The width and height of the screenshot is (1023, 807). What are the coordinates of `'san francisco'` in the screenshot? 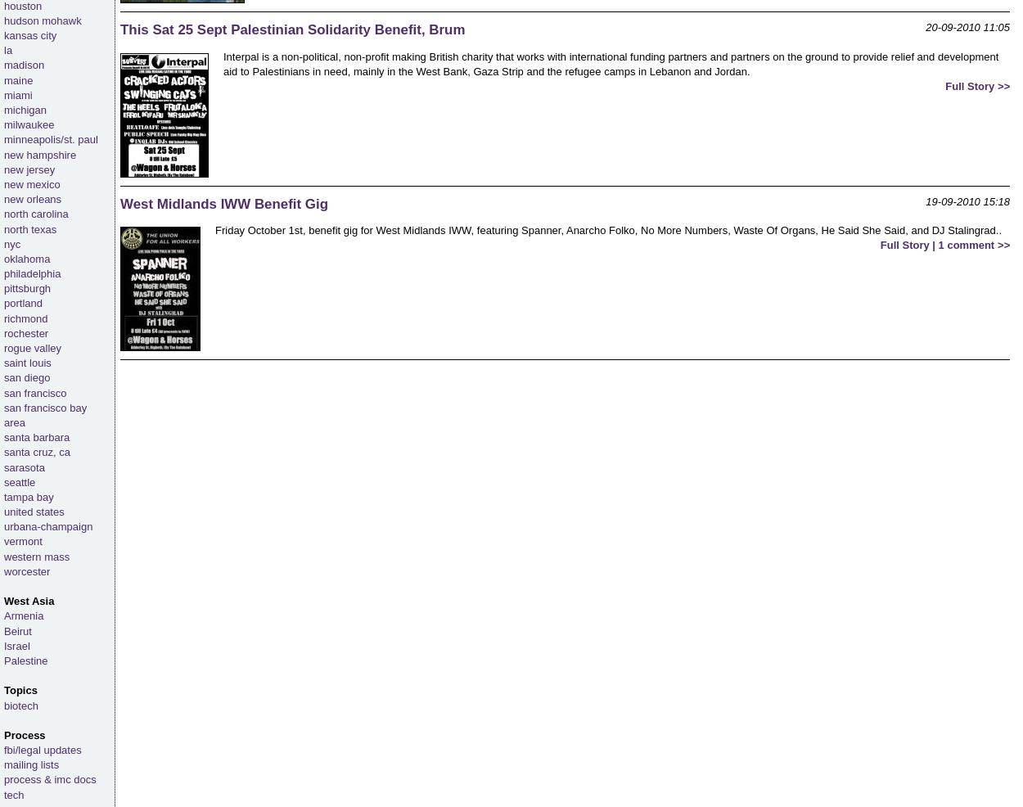 It's located at (35, 392).